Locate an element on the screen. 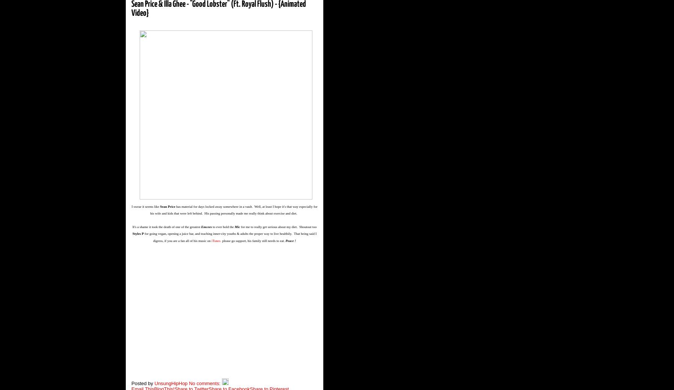  'No comments:' is located at coordinates (205, 383).